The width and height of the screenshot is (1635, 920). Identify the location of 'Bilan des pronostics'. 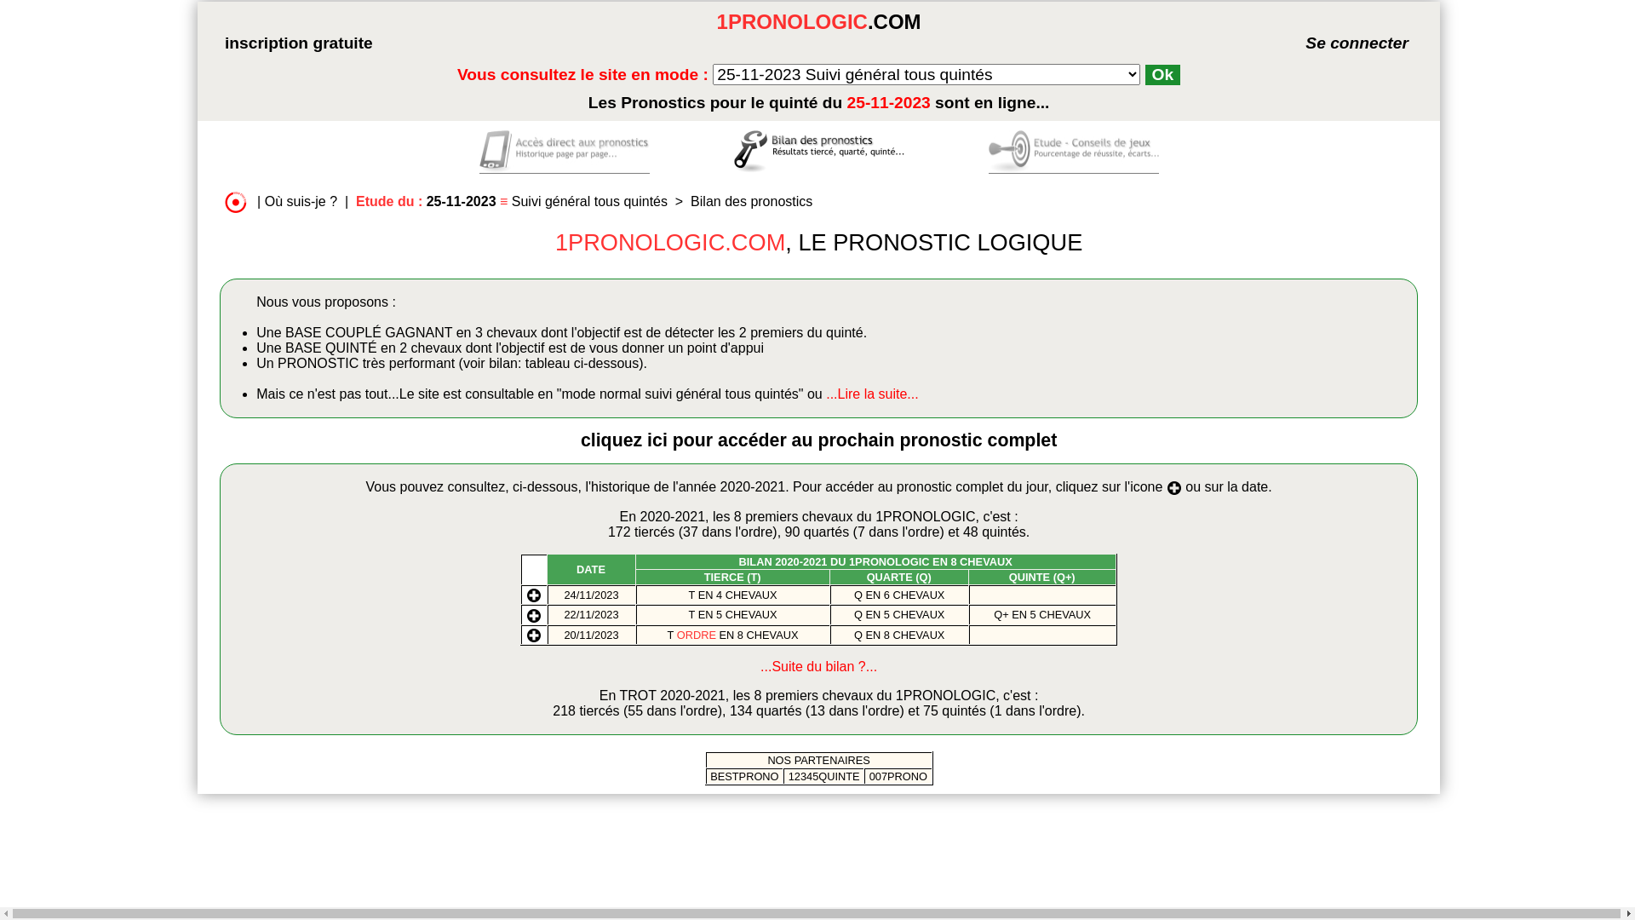
(750, 200).